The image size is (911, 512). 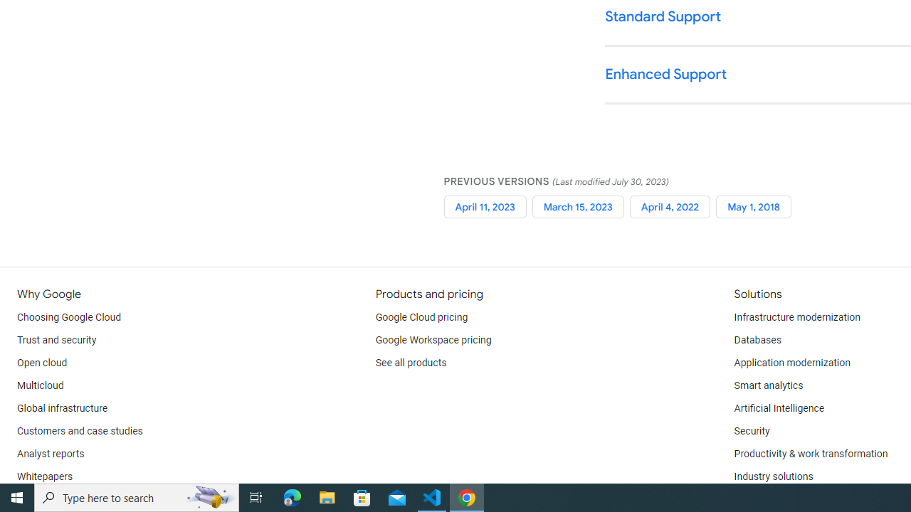 I want to click on 'Productivity & work transformation', so click(x=811, y=454).